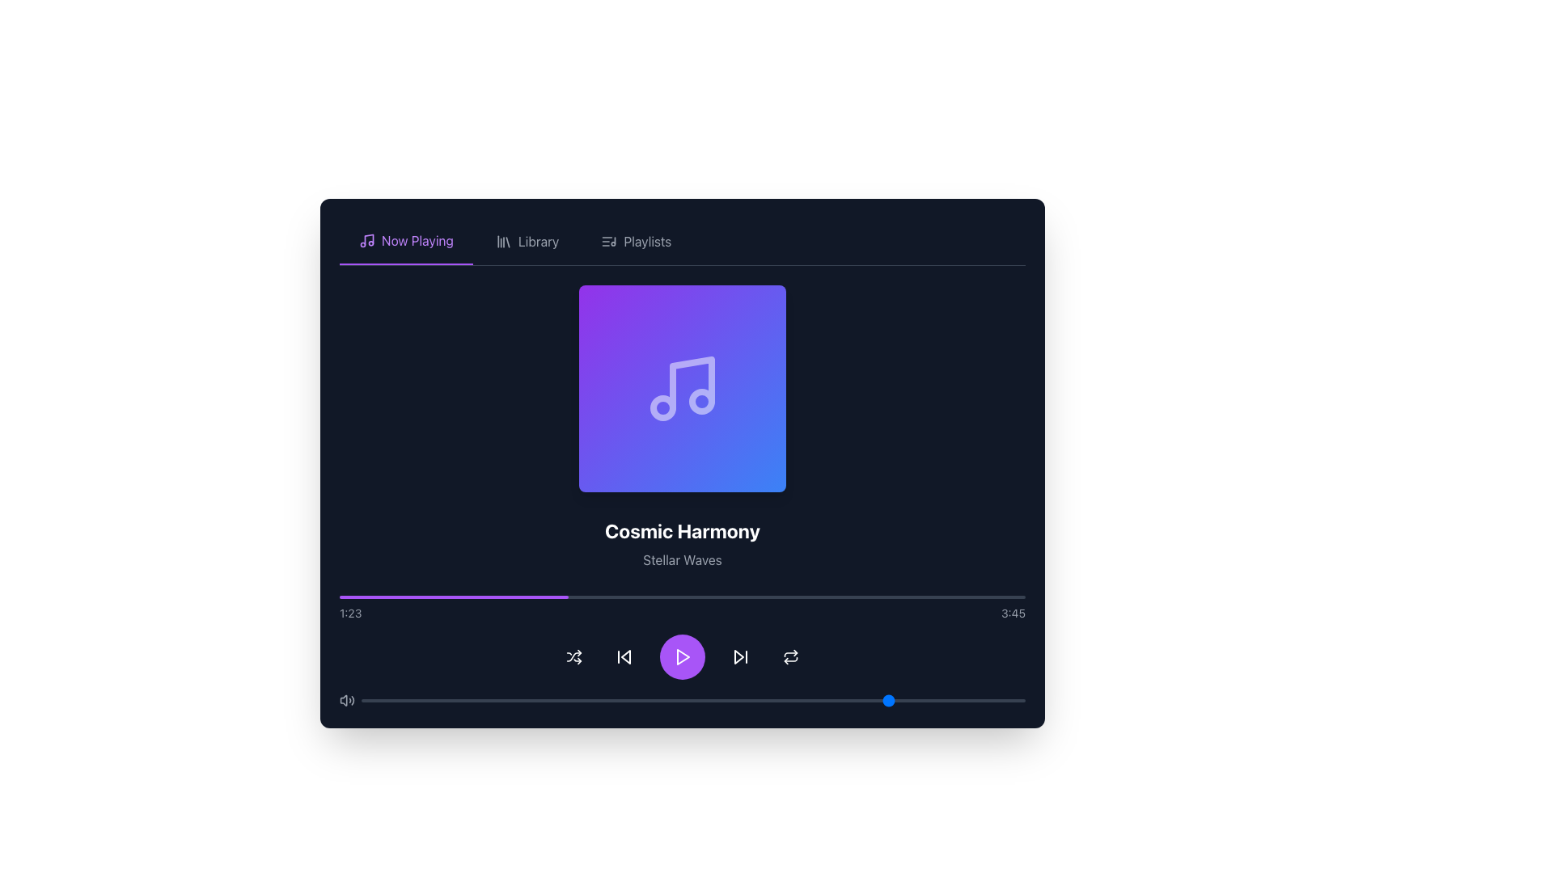 The width and height of the screenshot is (1553, 873). What do you see at coordinates (406, 242) in the screenshot?
I see `the 'Now Playing' navigation link, which is the first option in the horizontal navigation bar, styled with a purple underline and accompanied by a music note icon` at bounding box center [406, 242].